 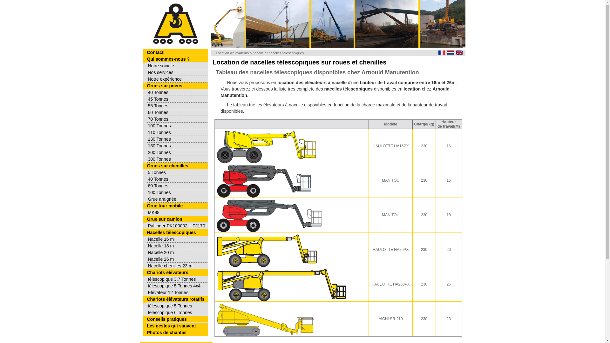 I want to click on 'Grue sur camion', so click(x=177, y=219).